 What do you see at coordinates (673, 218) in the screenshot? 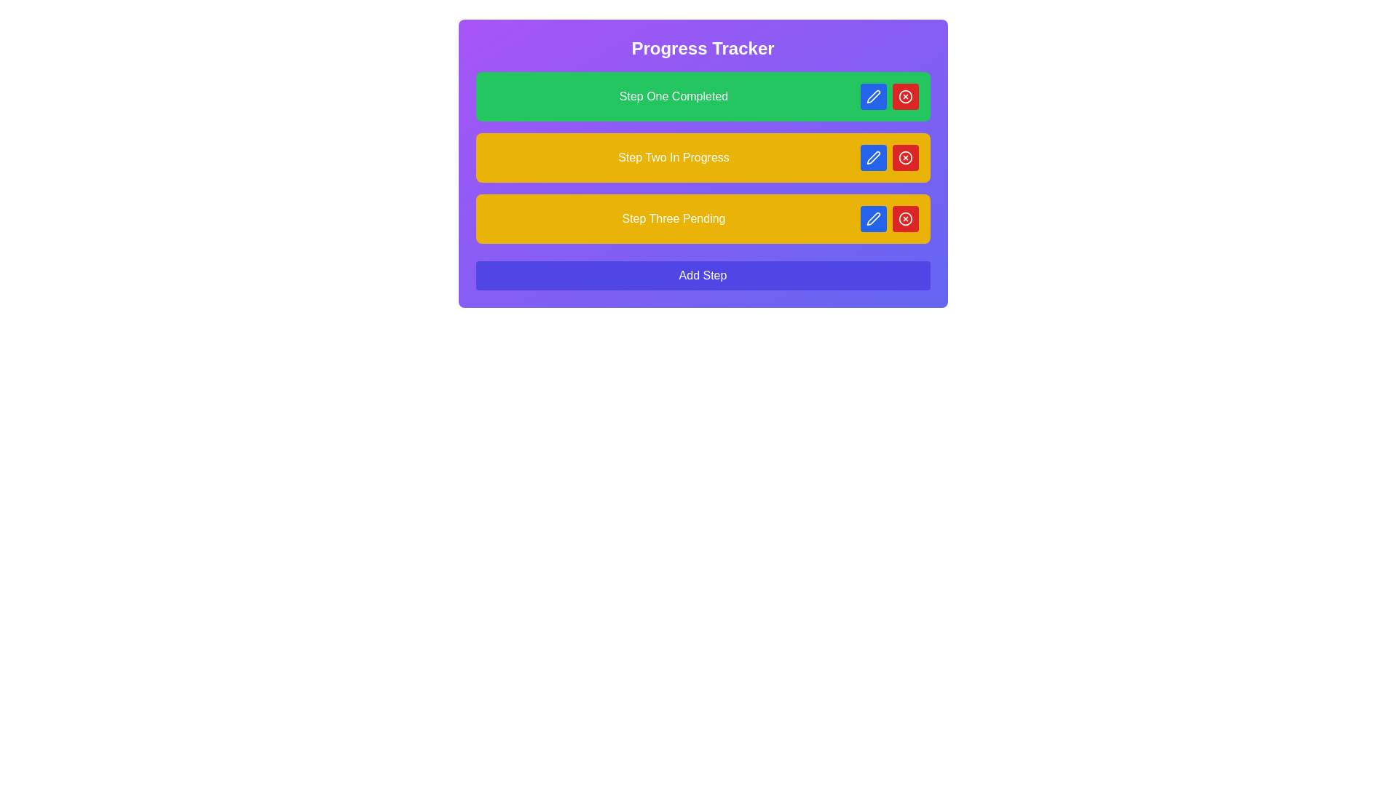
I see `the text label displaying 'Step Three Pending' in the progress tracker interface, which has a bold style and a yellow background` at bounding box center [673, 218].